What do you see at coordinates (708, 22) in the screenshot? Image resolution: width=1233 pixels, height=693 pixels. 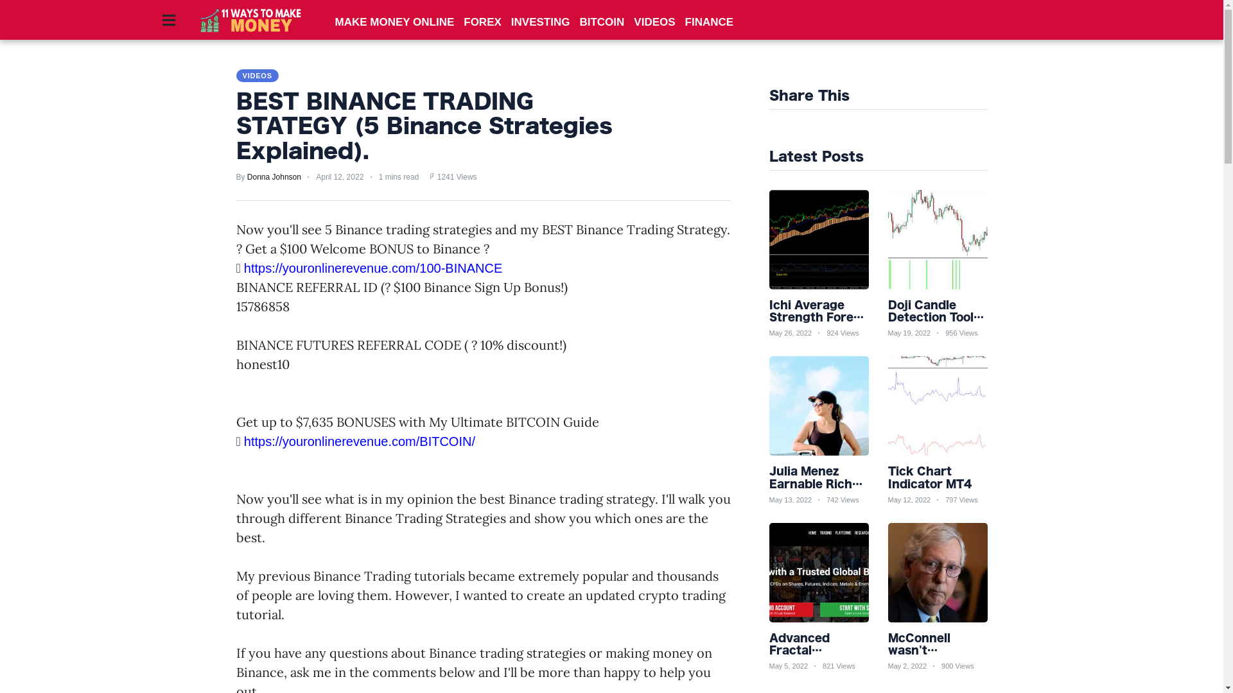 I see `'FINANCE'` at bounding box center [708, 22].